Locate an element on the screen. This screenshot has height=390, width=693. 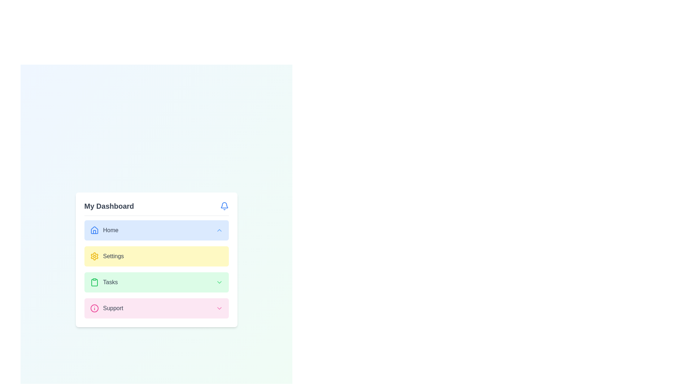
the 'Tasks' menu item, which features a green clipboard icon and medium gray text on a light green background is located at coordinates (104, 282).